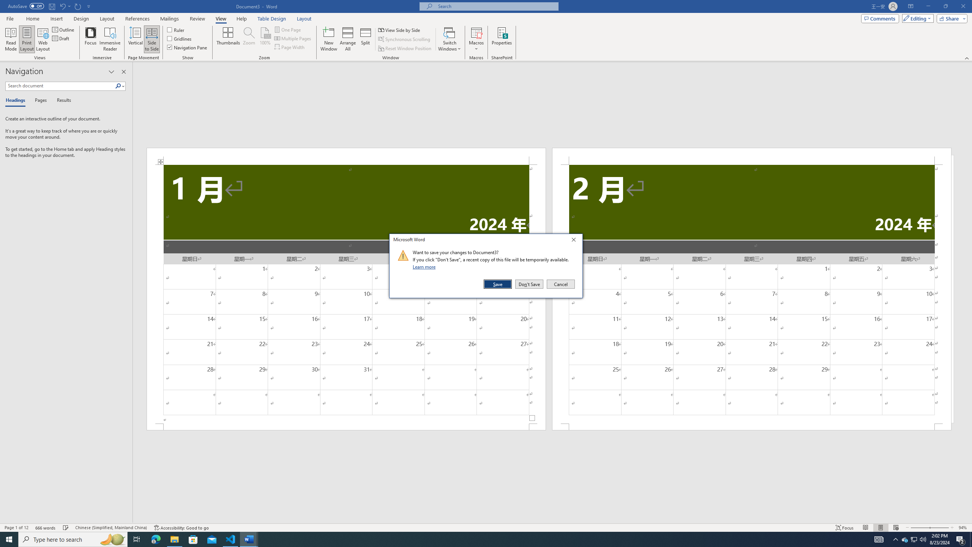  I want to click on 'Split', so click(365, 39).